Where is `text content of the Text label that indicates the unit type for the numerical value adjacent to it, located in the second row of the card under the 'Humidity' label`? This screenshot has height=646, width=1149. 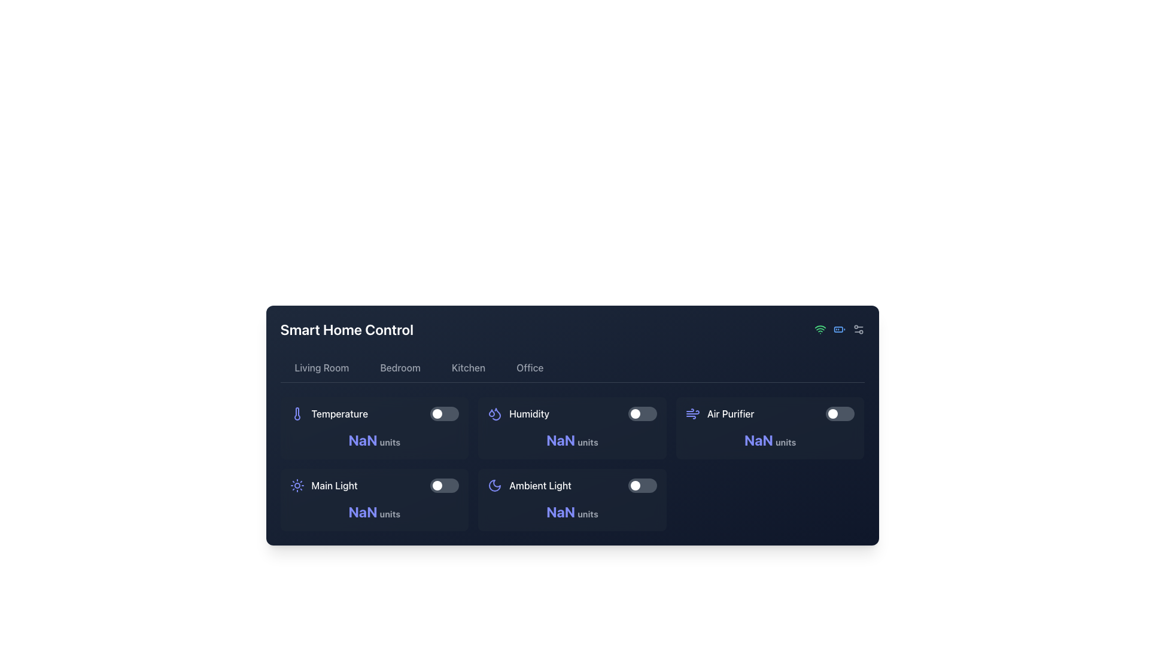 text content of the Text label that indicates the unit type for the numerical value adjacent to it, located in the second row of the card under the 'Humidity' label is located at coordinates (588, 442).